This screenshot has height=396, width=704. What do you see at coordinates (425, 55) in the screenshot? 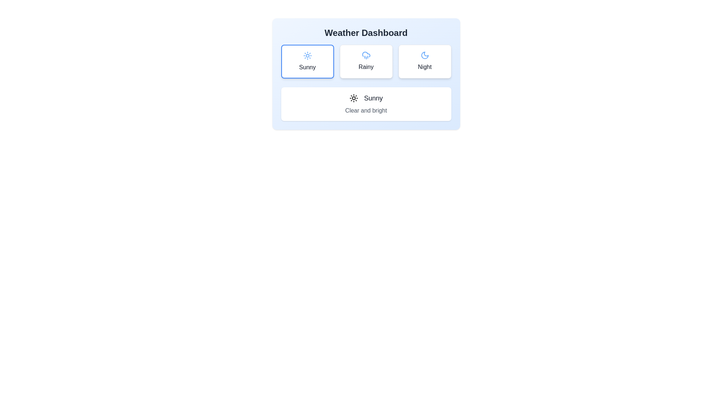
I see `the depiction of the 'Night' mode icon, which is located centrally within the 'Night' card group, above the text 'Night' and adjacent to other weather icons` at bounding box center [425, 55].